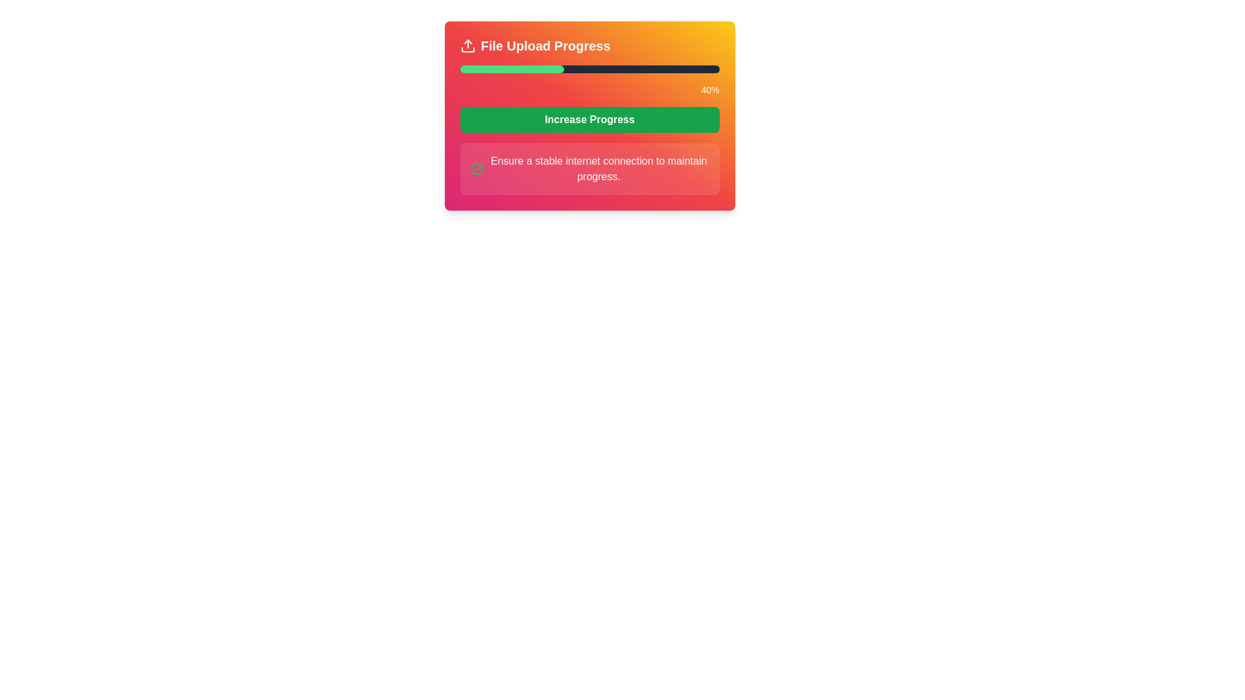 The height and width of the screenshot is (700, 1245). I want to click on the informational text box with an icon that advises users about maintaining a stable internet connection, positioned below the 'Increase Progress' button, so click(589, 169).